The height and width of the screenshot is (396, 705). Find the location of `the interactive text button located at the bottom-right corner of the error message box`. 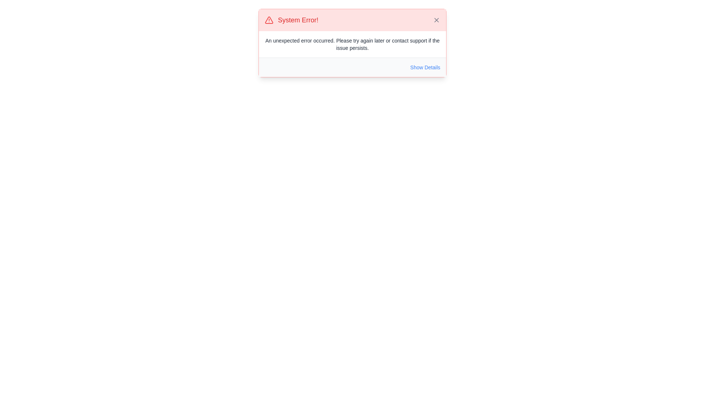

the interactive text button located at the bottom-right corner of the error message box is located at coordinates (425, 67).